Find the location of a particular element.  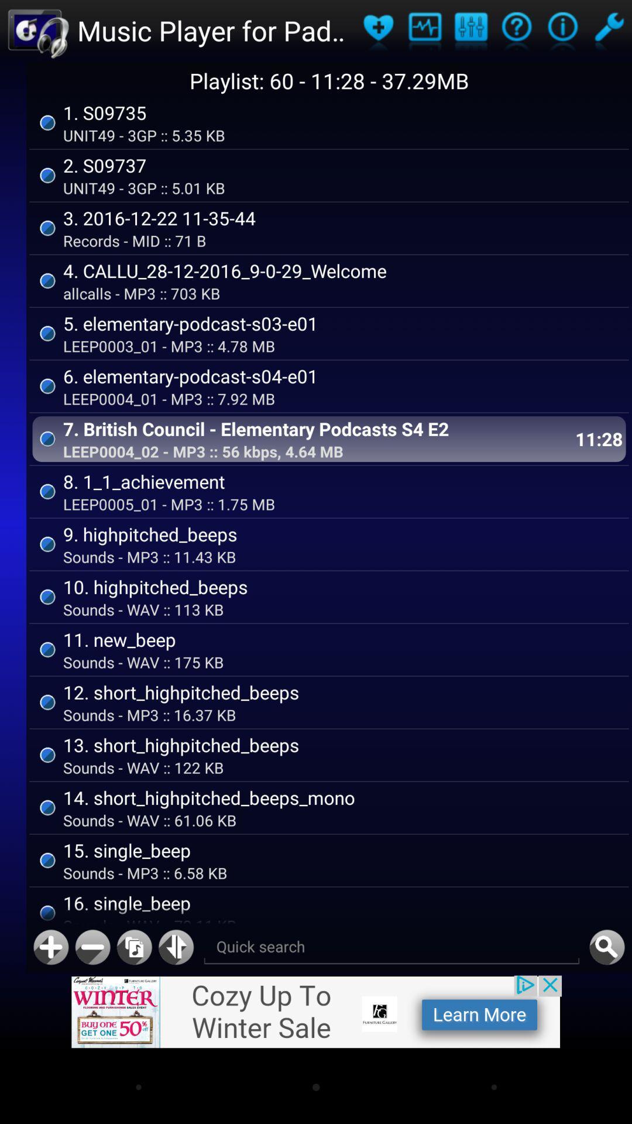

add is located at coordinates (50, 947).